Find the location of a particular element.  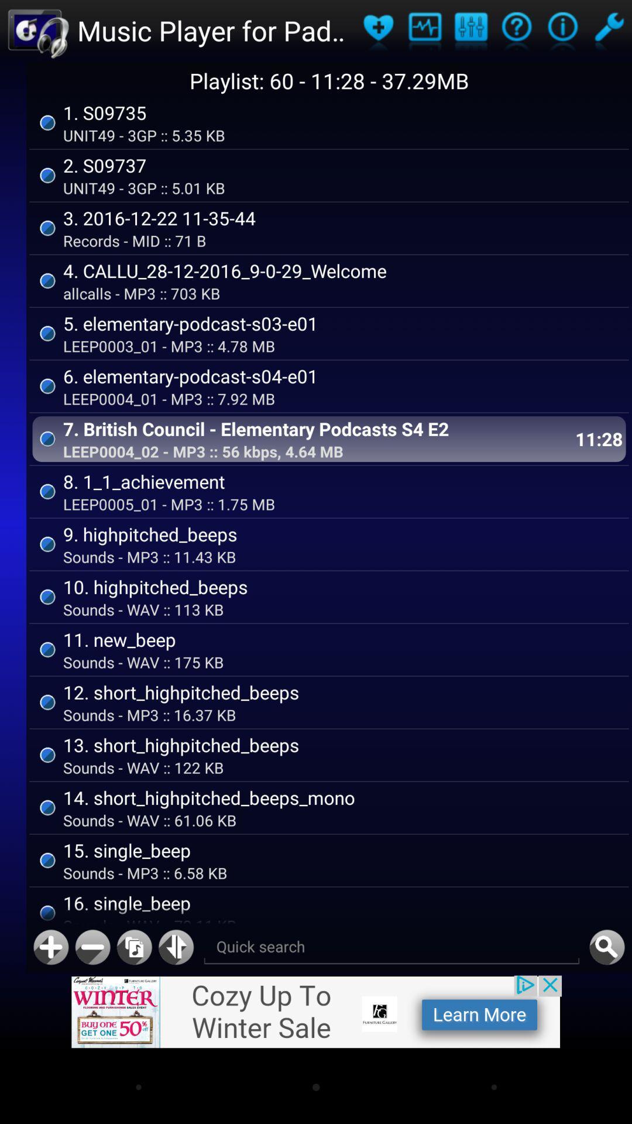

add is located at coordinates (50, 947).